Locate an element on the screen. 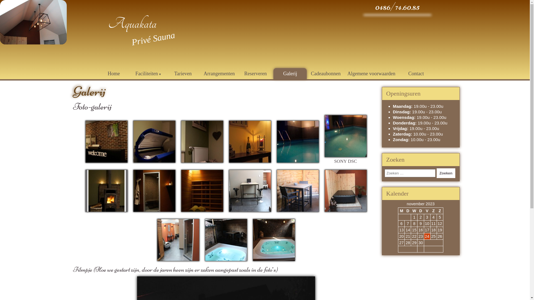 This screenshot has height=300, width=534. 'Galerij' is located at coordinates (290, 73).